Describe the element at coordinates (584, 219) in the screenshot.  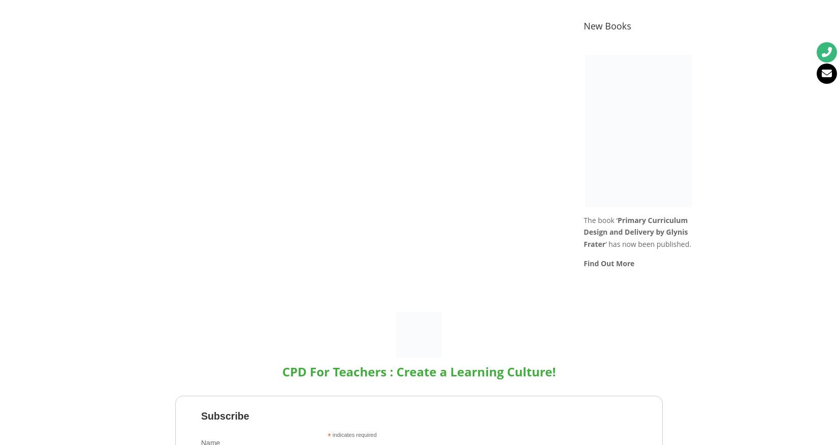
I see `'The book ‘'` at that location.